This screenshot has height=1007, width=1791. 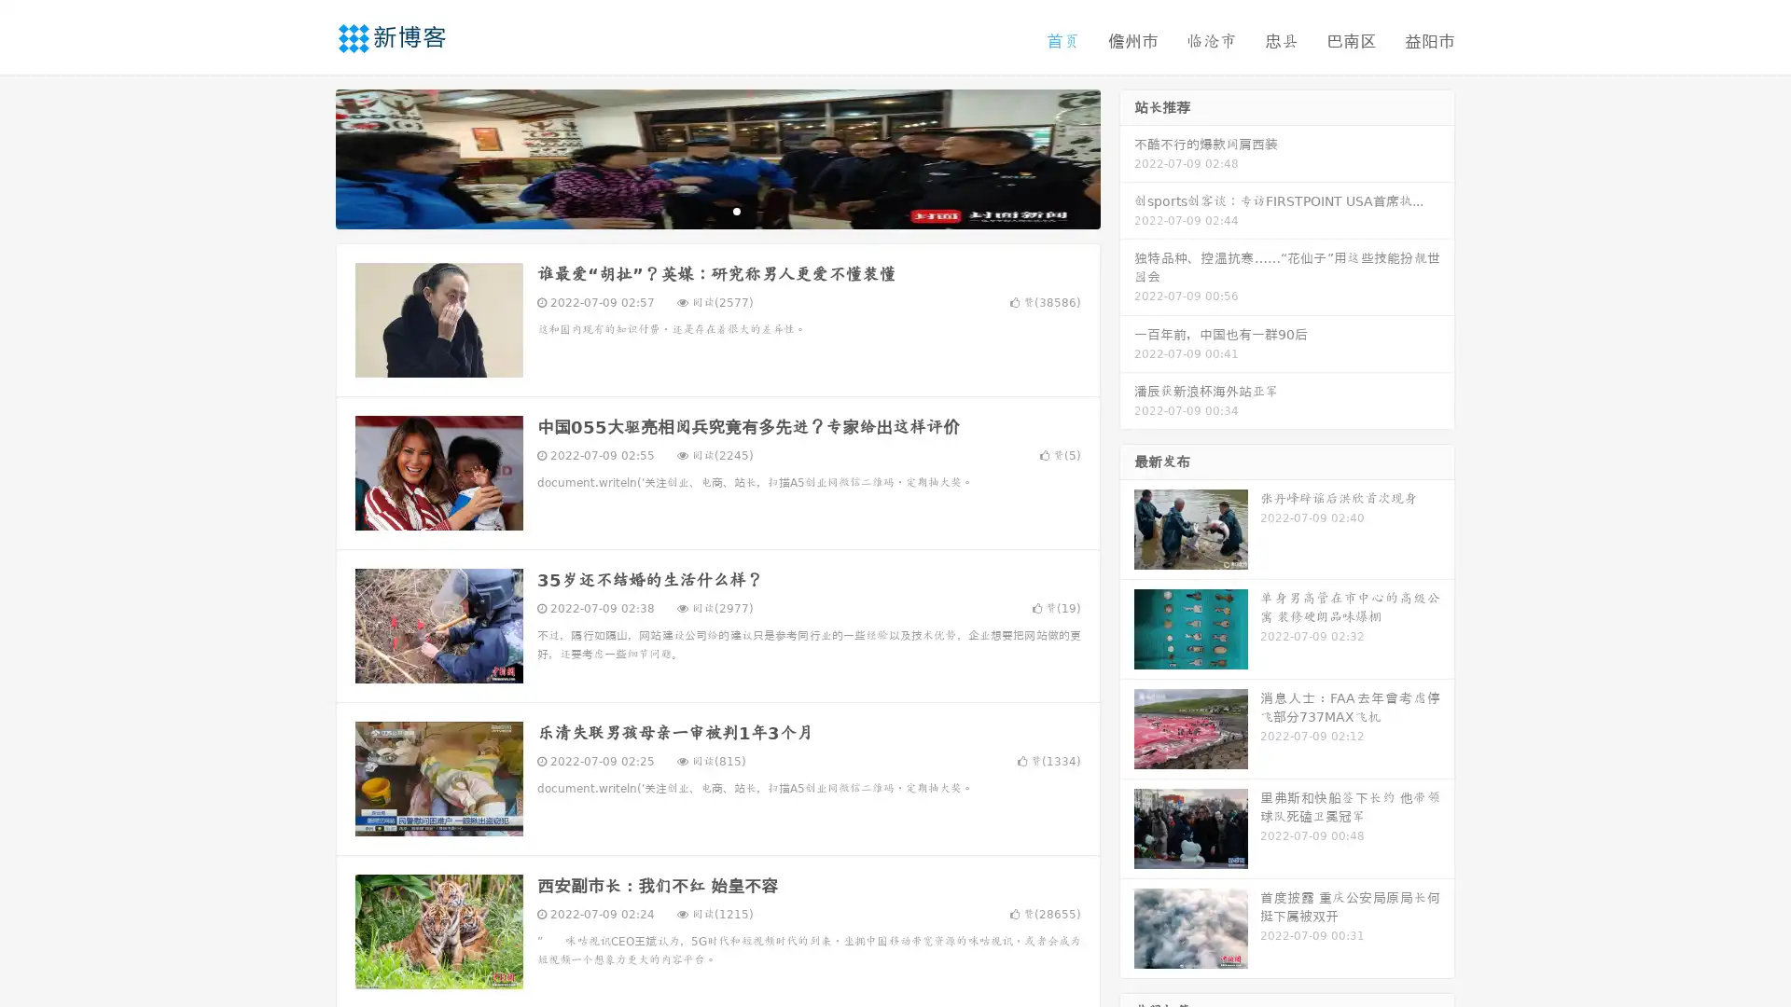 I want to click on Go to slide 1, so click(x=698, y=210).